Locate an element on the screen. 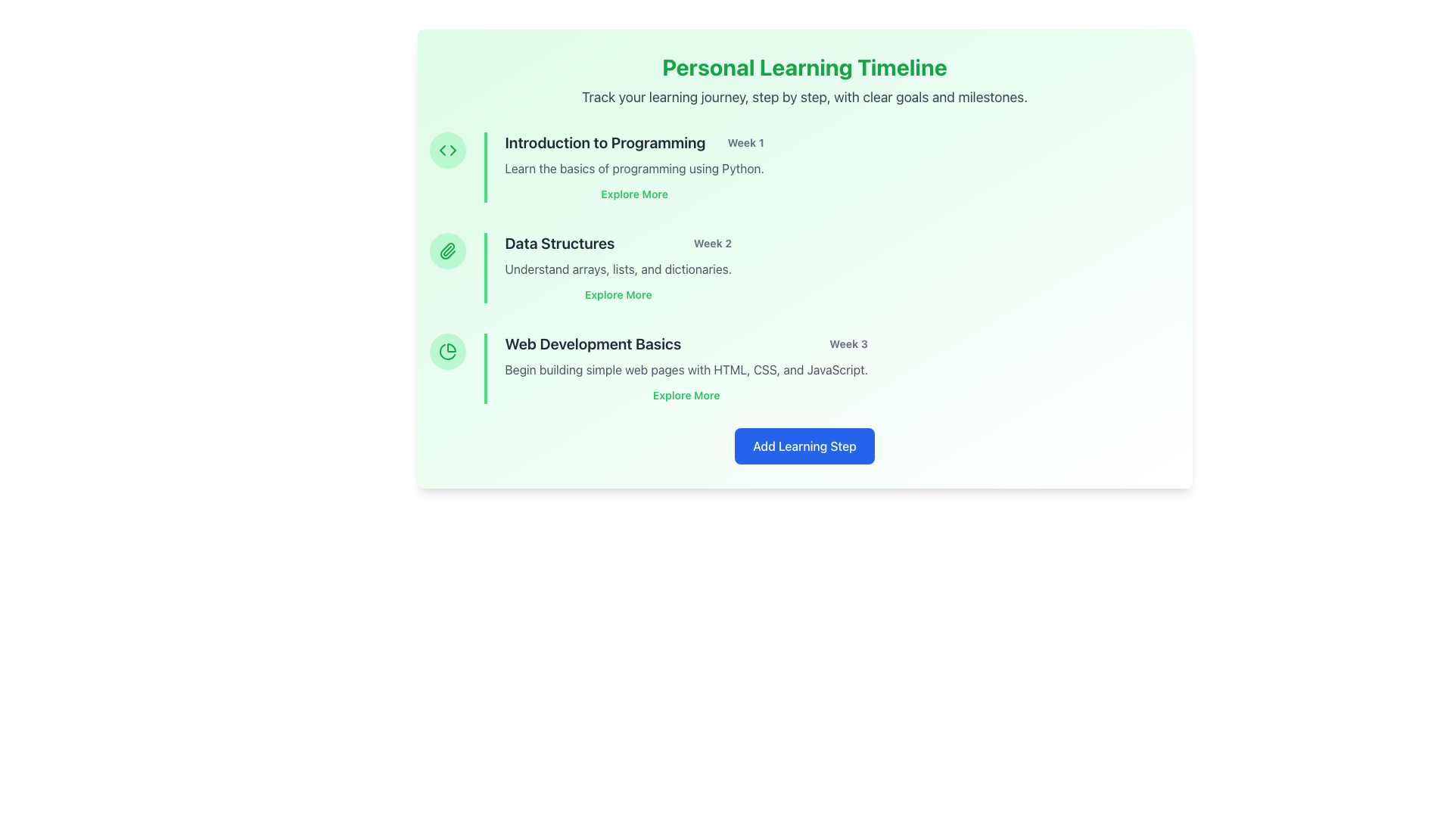  the Text label that serves as a title or heading in the 'Personal Learning Timeline' section, located directly under 'Data Structures' is located at coordinates (592, 344).